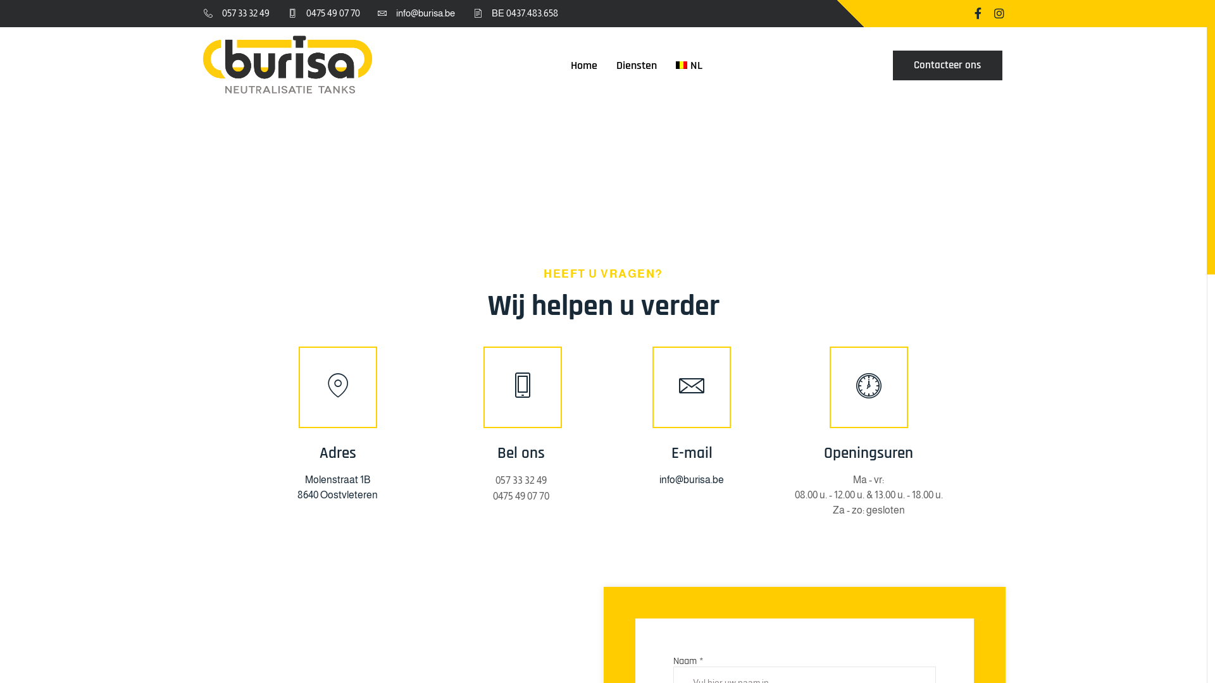 The height and width of the screenshot is (683, 1215). Describe the element at coordinates (492, 495) in the screenshot. I see `'0475 49 07 70'` at that location.